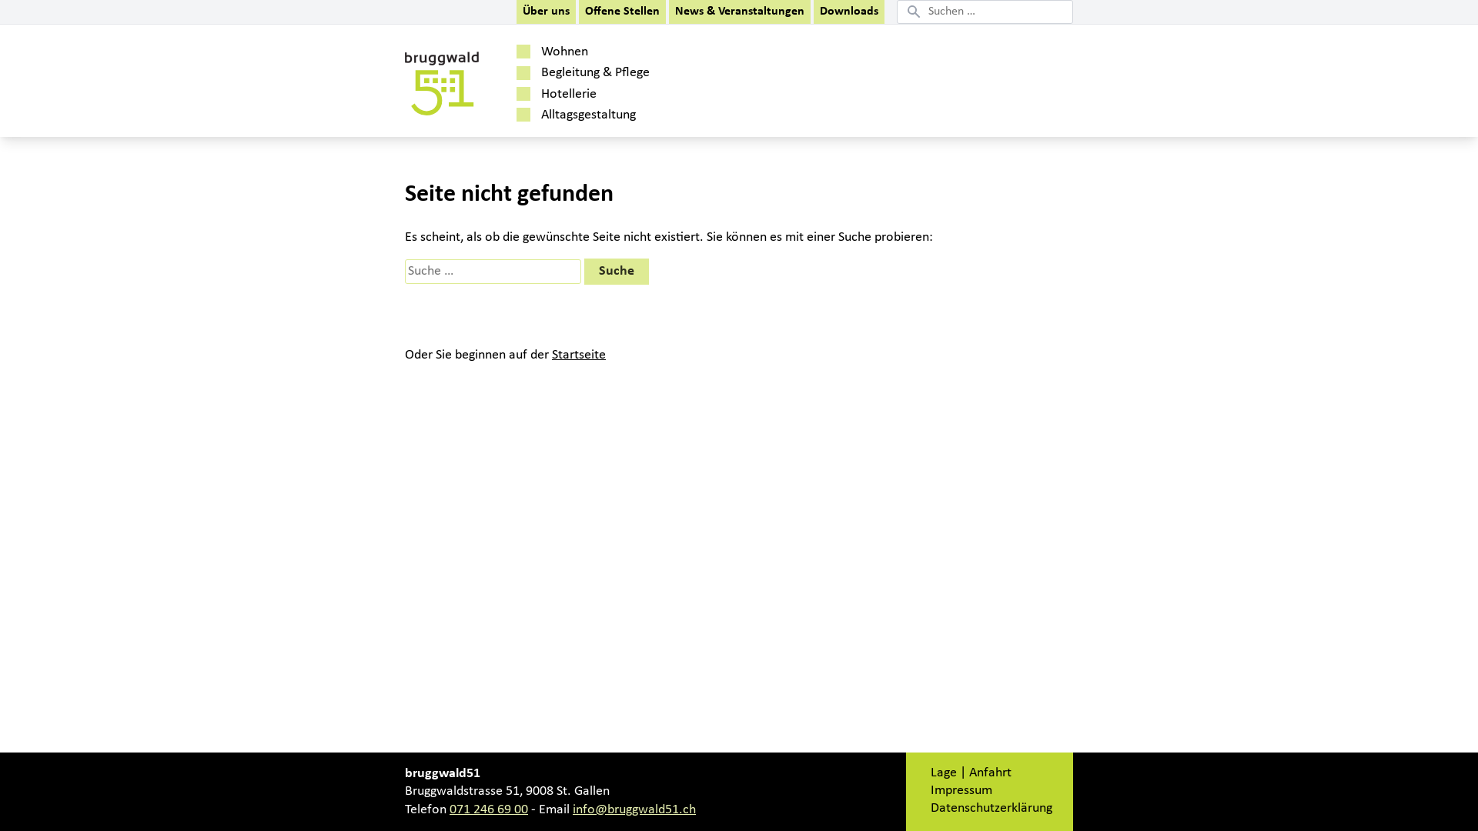 The image size is (1478, 831). What do you see at coordinates (487, 809) in the screenshot?
I see `'071 246 69 00'` at bounding box center [487, 809].